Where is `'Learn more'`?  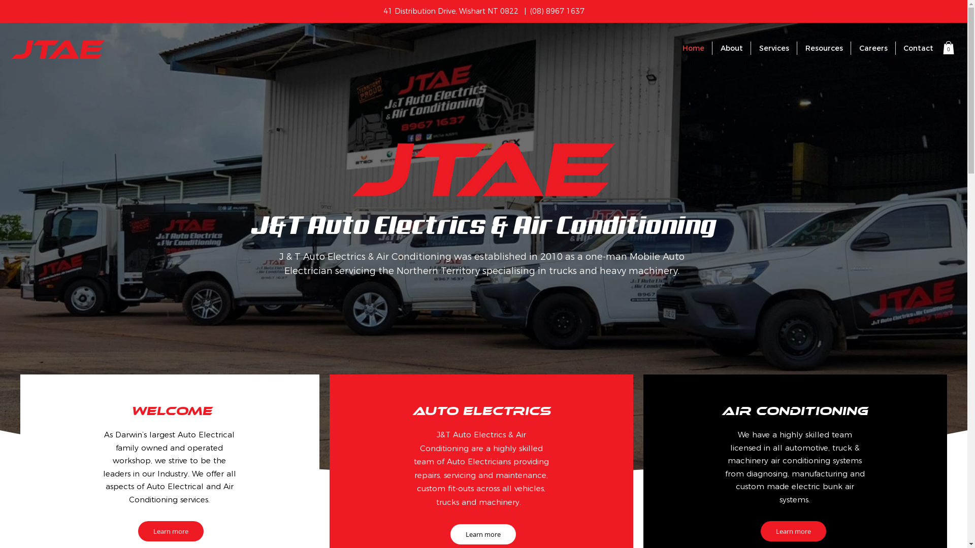 'Learn more' is located at coordinates (171, 530).